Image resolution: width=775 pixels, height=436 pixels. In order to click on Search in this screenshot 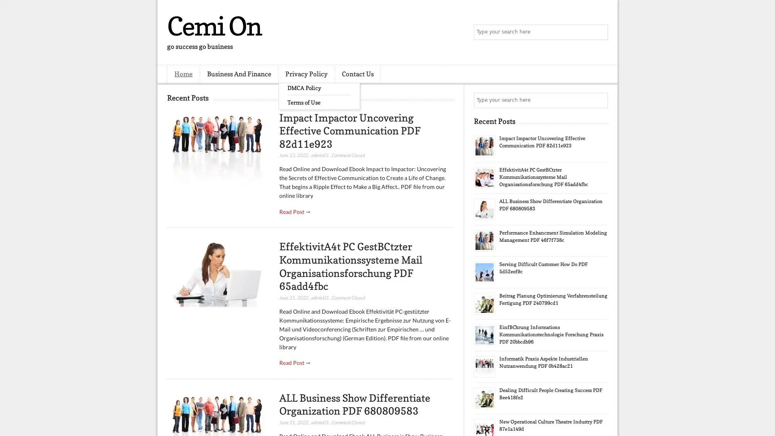, I will do `click(599, 100)`.